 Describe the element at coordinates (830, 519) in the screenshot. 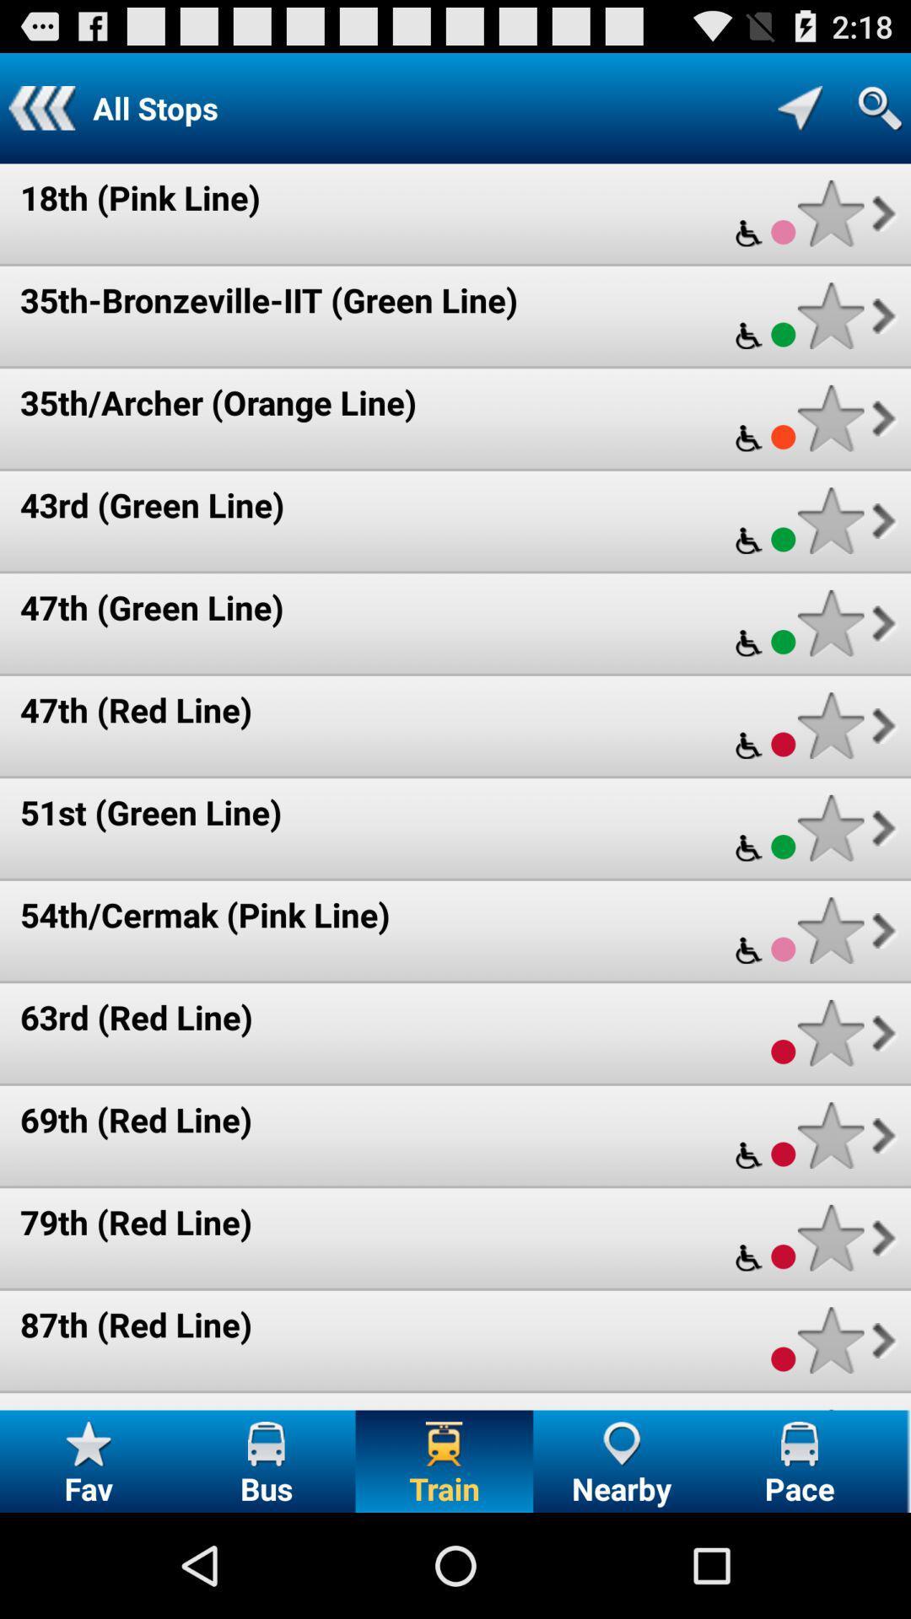

I see `item` at that location.